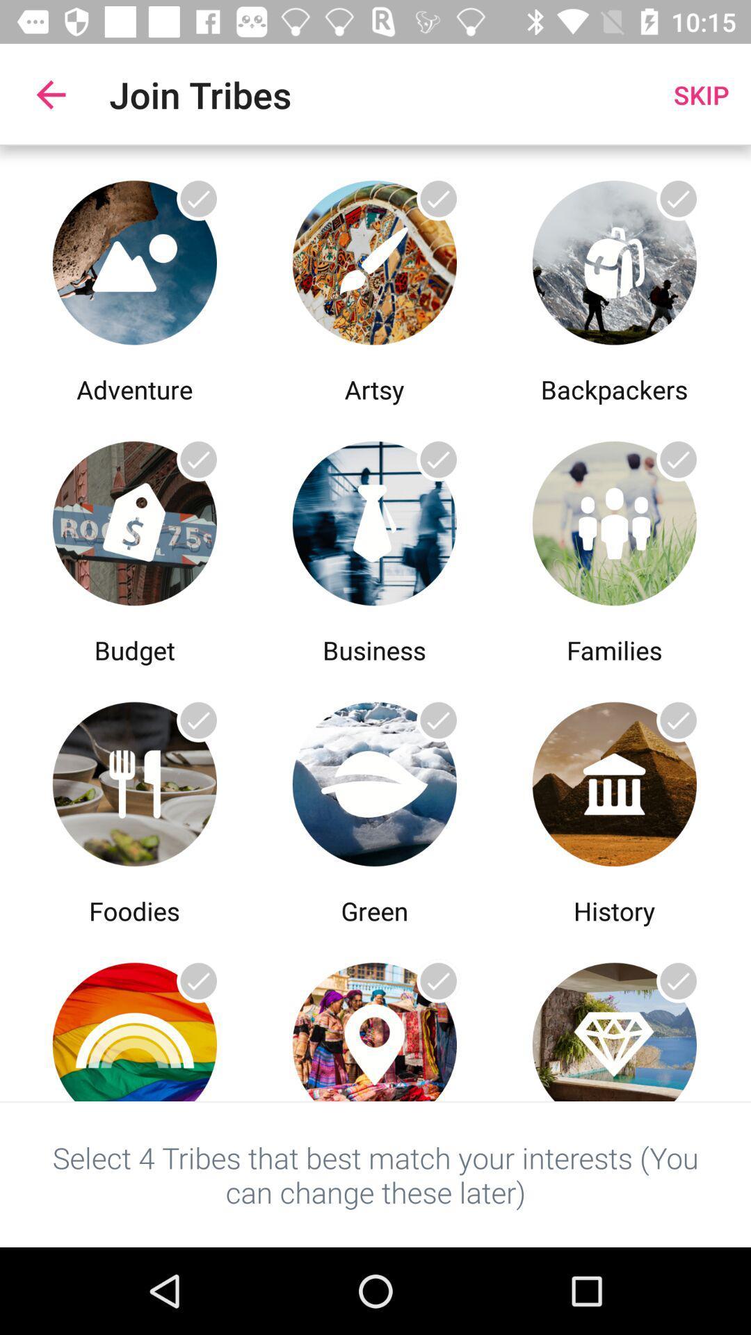  I want to click on the business, so click(373, 519).